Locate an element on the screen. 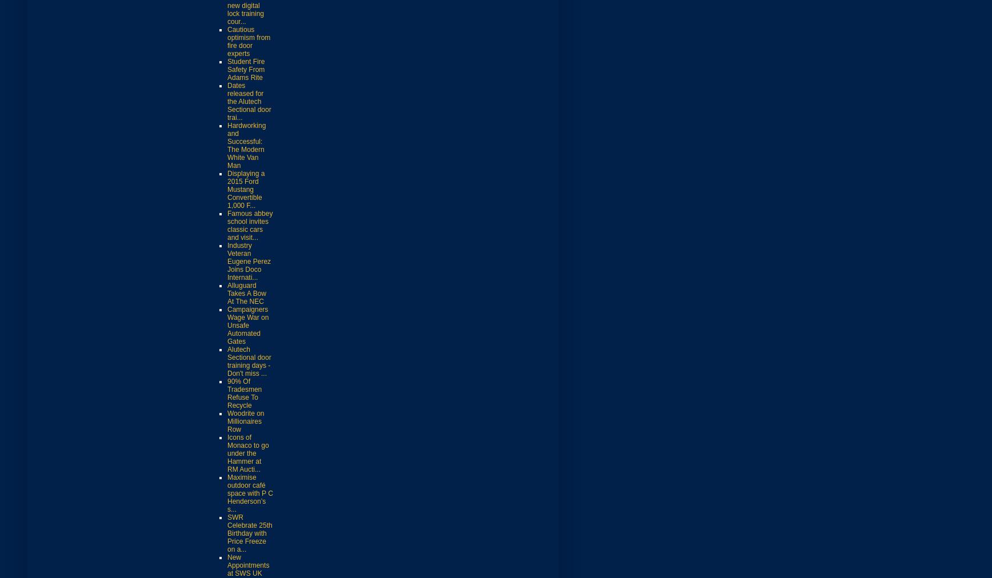 This screenshot has height=578, width=992. 'Woodrite on Millionaires Row' is located at coordinates (246, 421).